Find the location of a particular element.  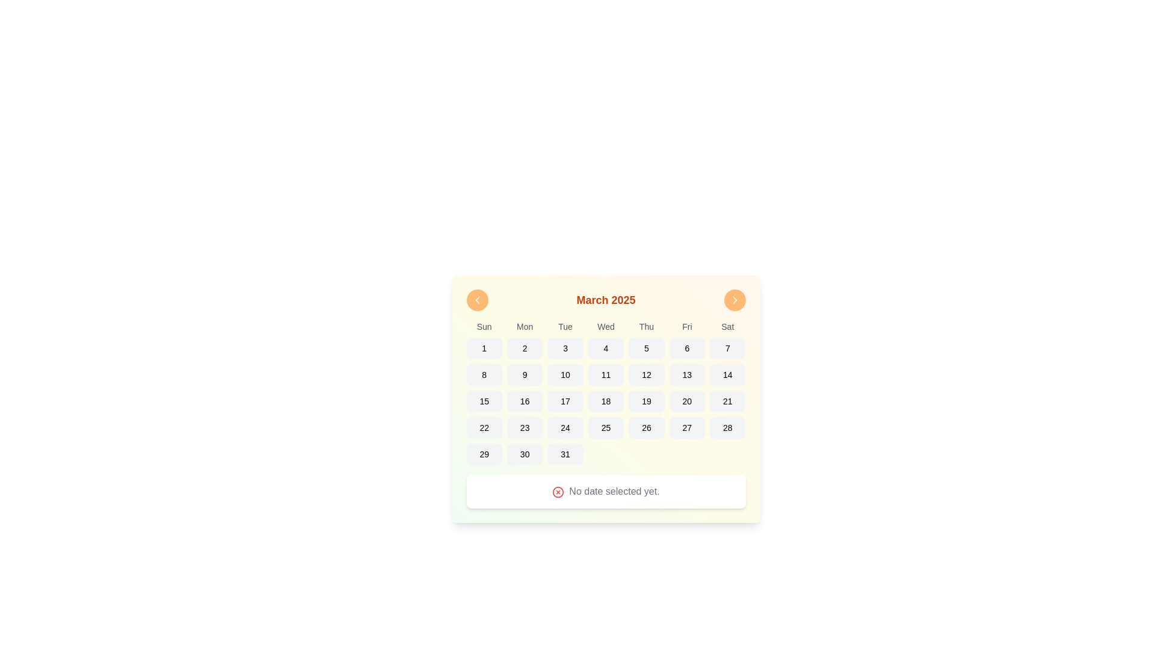

the button representing March 25th in the calendar grid layout is located at coordinates (606, 427).